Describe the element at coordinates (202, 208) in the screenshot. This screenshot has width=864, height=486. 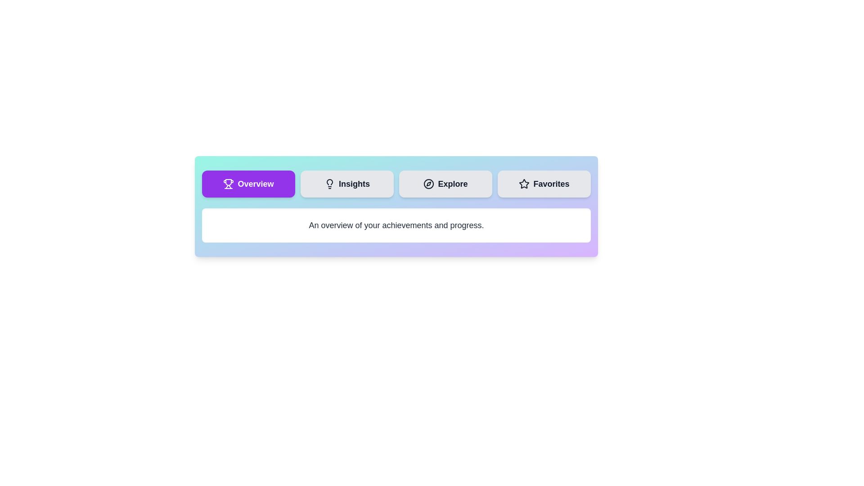
I see `the text in the content area` at that location.